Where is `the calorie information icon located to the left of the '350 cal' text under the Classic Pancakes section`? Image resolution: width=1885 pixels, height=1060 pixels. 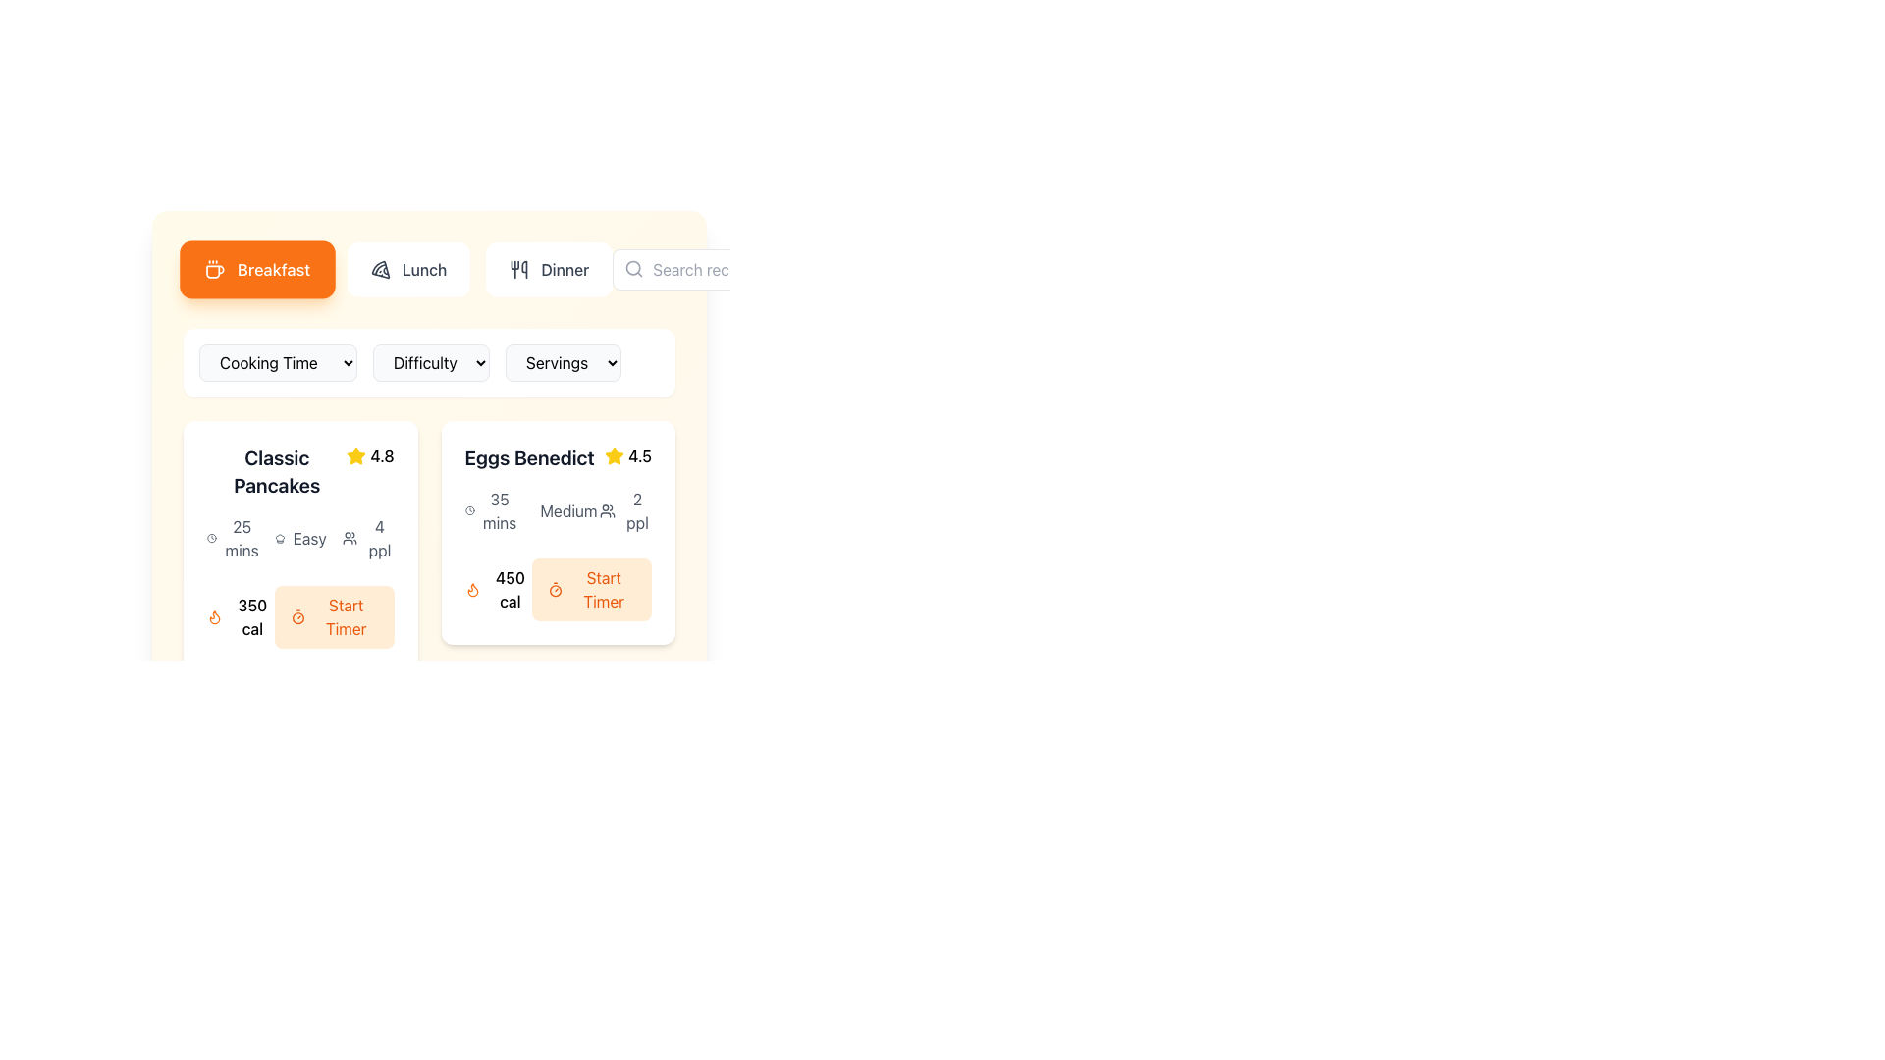 the calorie information icon located to the left of the '350 cal' text under the Classic Pancakes section is located at coordinates (215, 615).